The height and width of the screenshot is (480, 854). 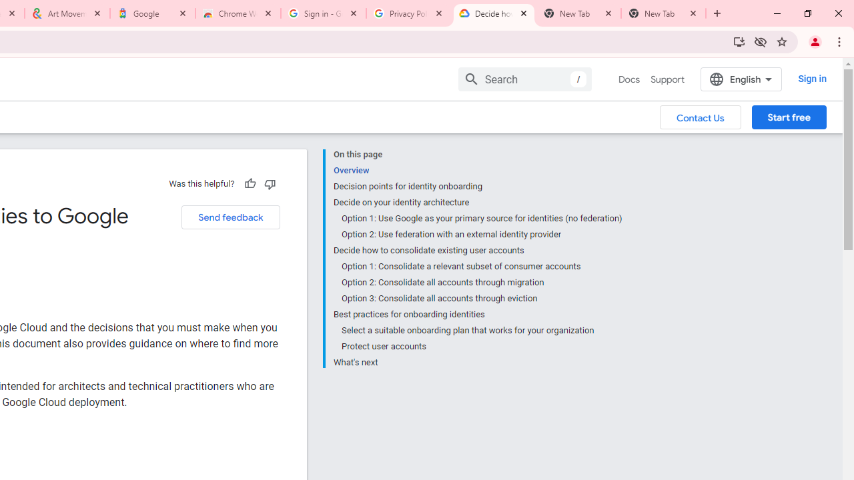 What do you see at coordinates (667, 79) in the screenshot?
I see `'Support'` at bounding box center [667, 79].